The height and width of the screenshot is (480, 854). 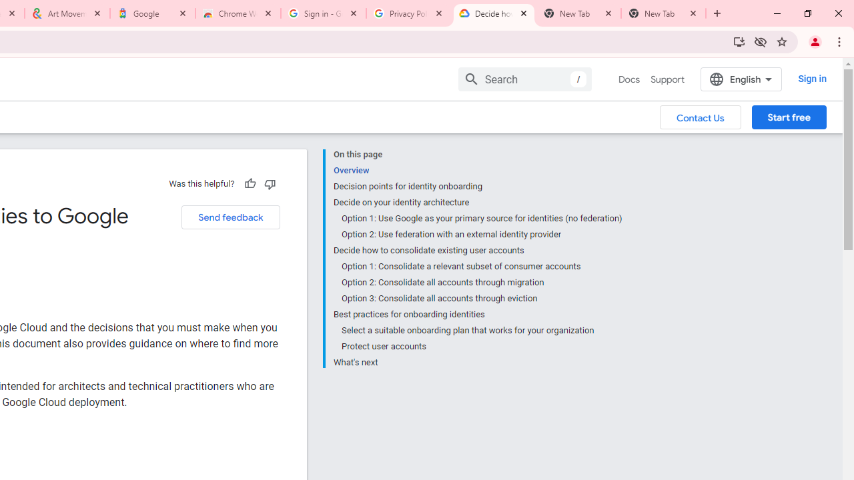 What do you see at coordinates (667, 79) in the screenshot?
I see `'Support'` at bounding box center [667, 79].